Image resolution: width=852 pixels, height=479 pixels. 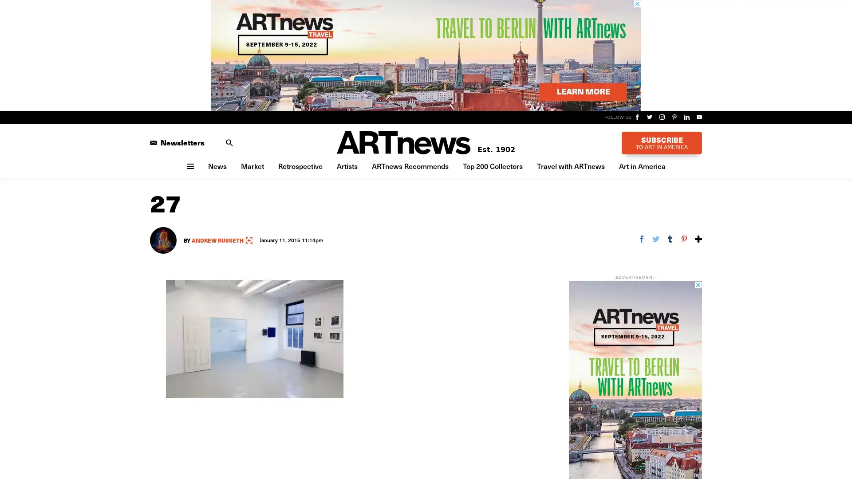 I want to click on BY ANDREW RUSSETH Plus Icon, so click(x=218, y=239).